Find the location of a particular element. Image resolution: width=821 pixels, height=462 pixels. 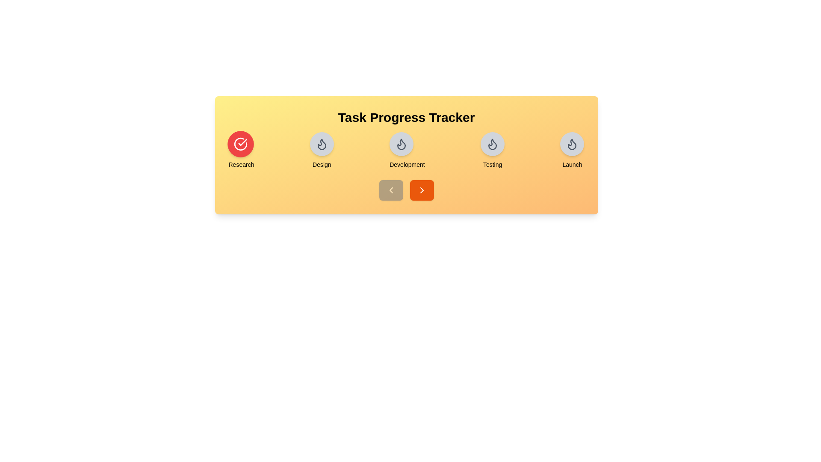

the static text indicating the 'Testing' stage of the tracker, located below the flame-shaped icon in the task progress tracker is located at coordinates (493, 165).